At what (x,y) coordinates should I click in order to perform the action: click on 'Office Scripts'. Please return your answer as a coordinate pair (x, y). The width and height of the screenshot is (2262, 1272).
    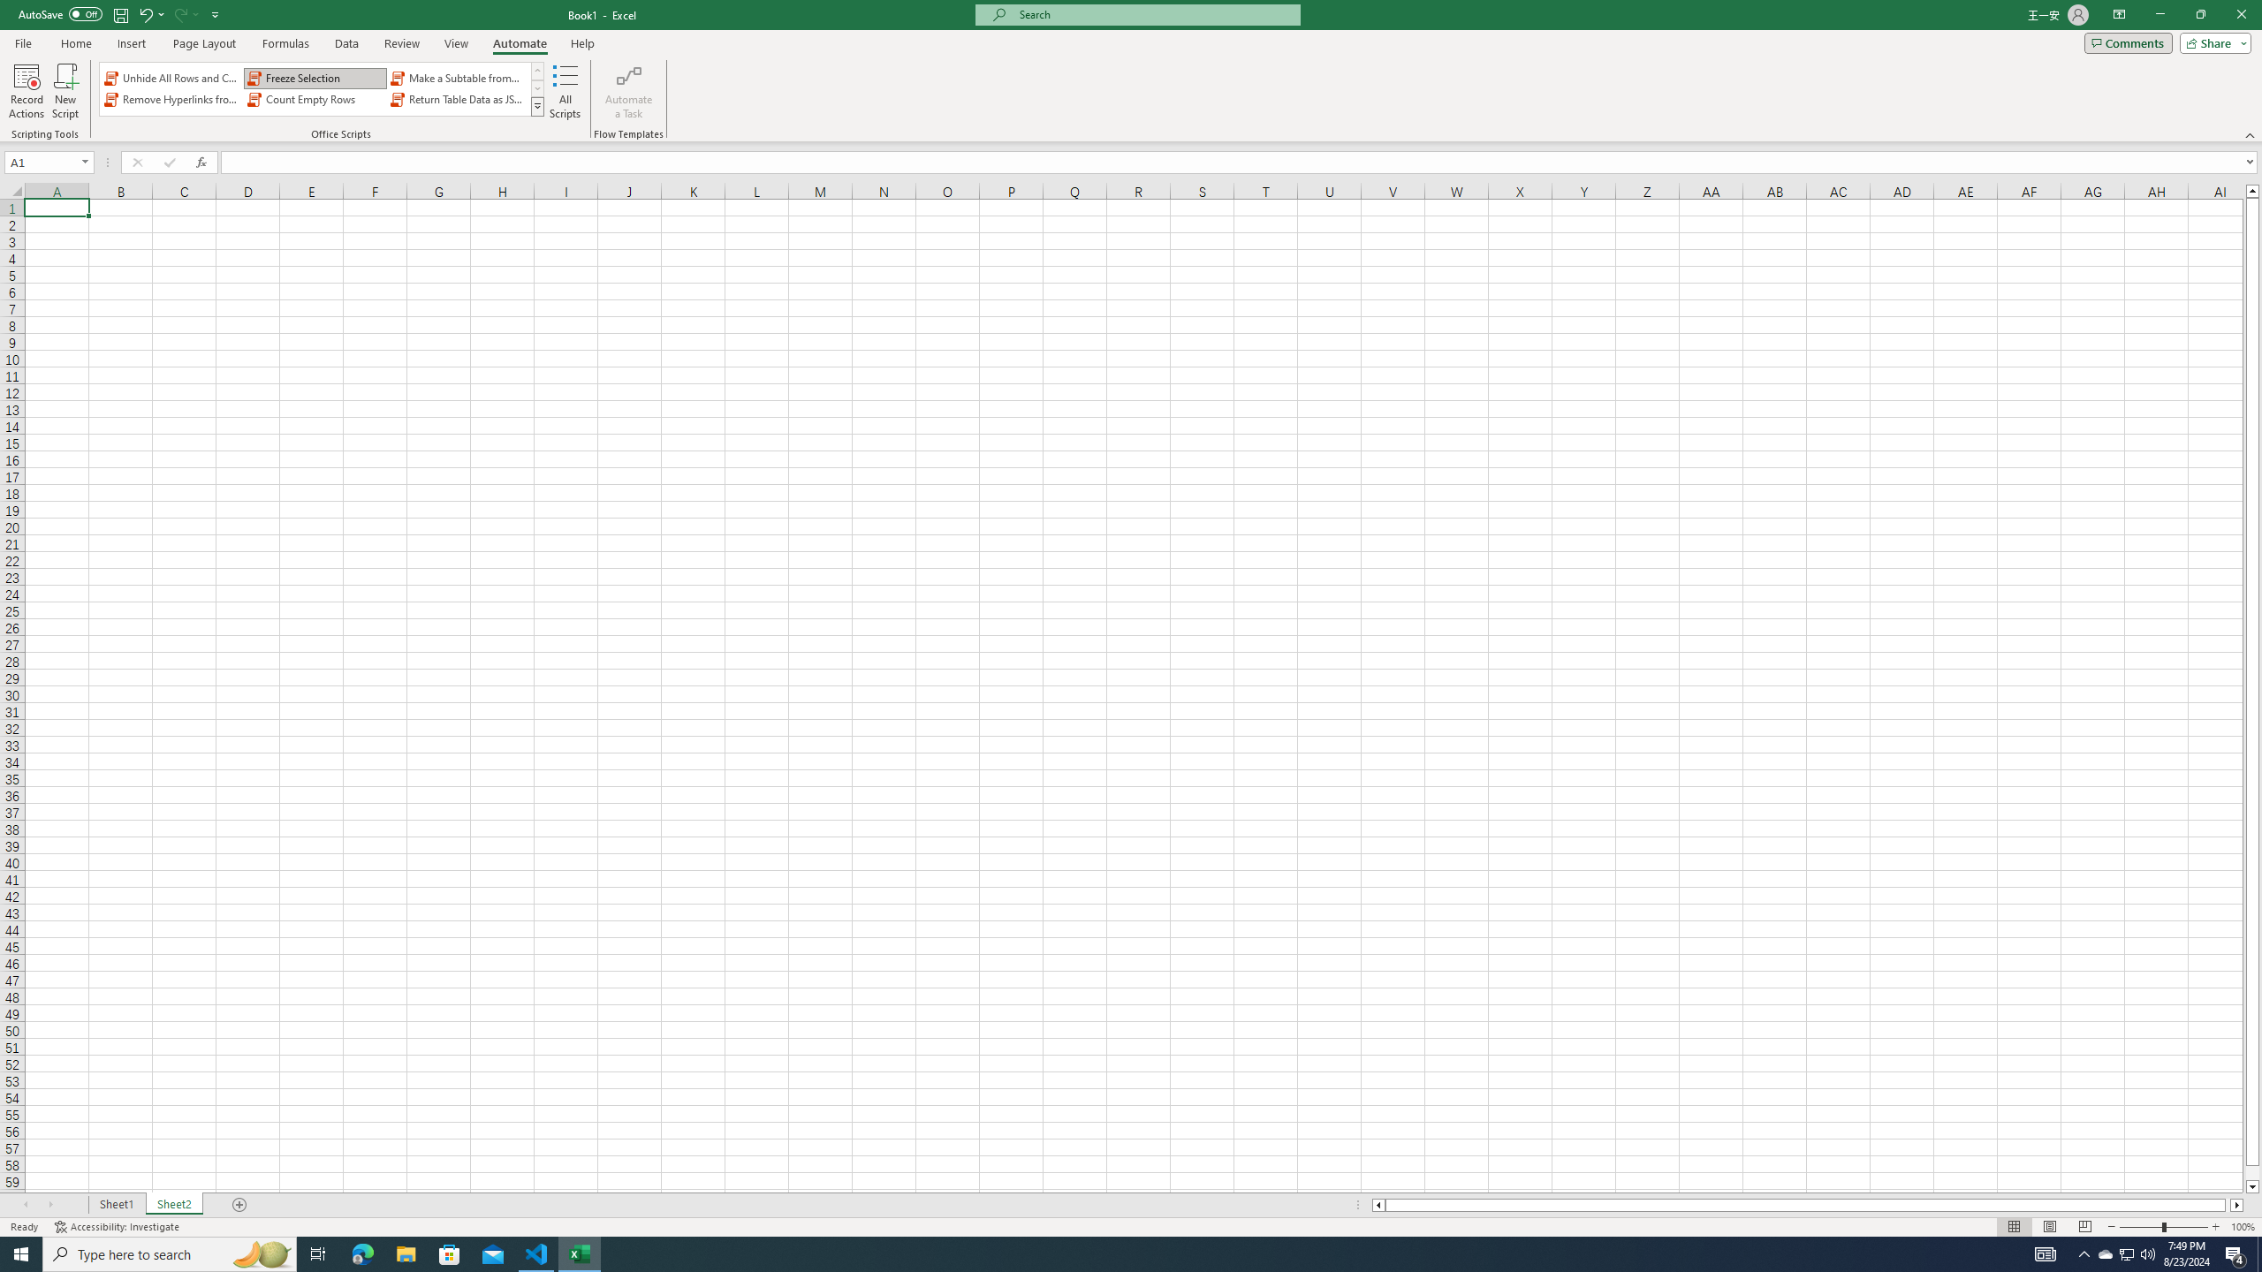
    Looking at the image, I should click on (537, 105).